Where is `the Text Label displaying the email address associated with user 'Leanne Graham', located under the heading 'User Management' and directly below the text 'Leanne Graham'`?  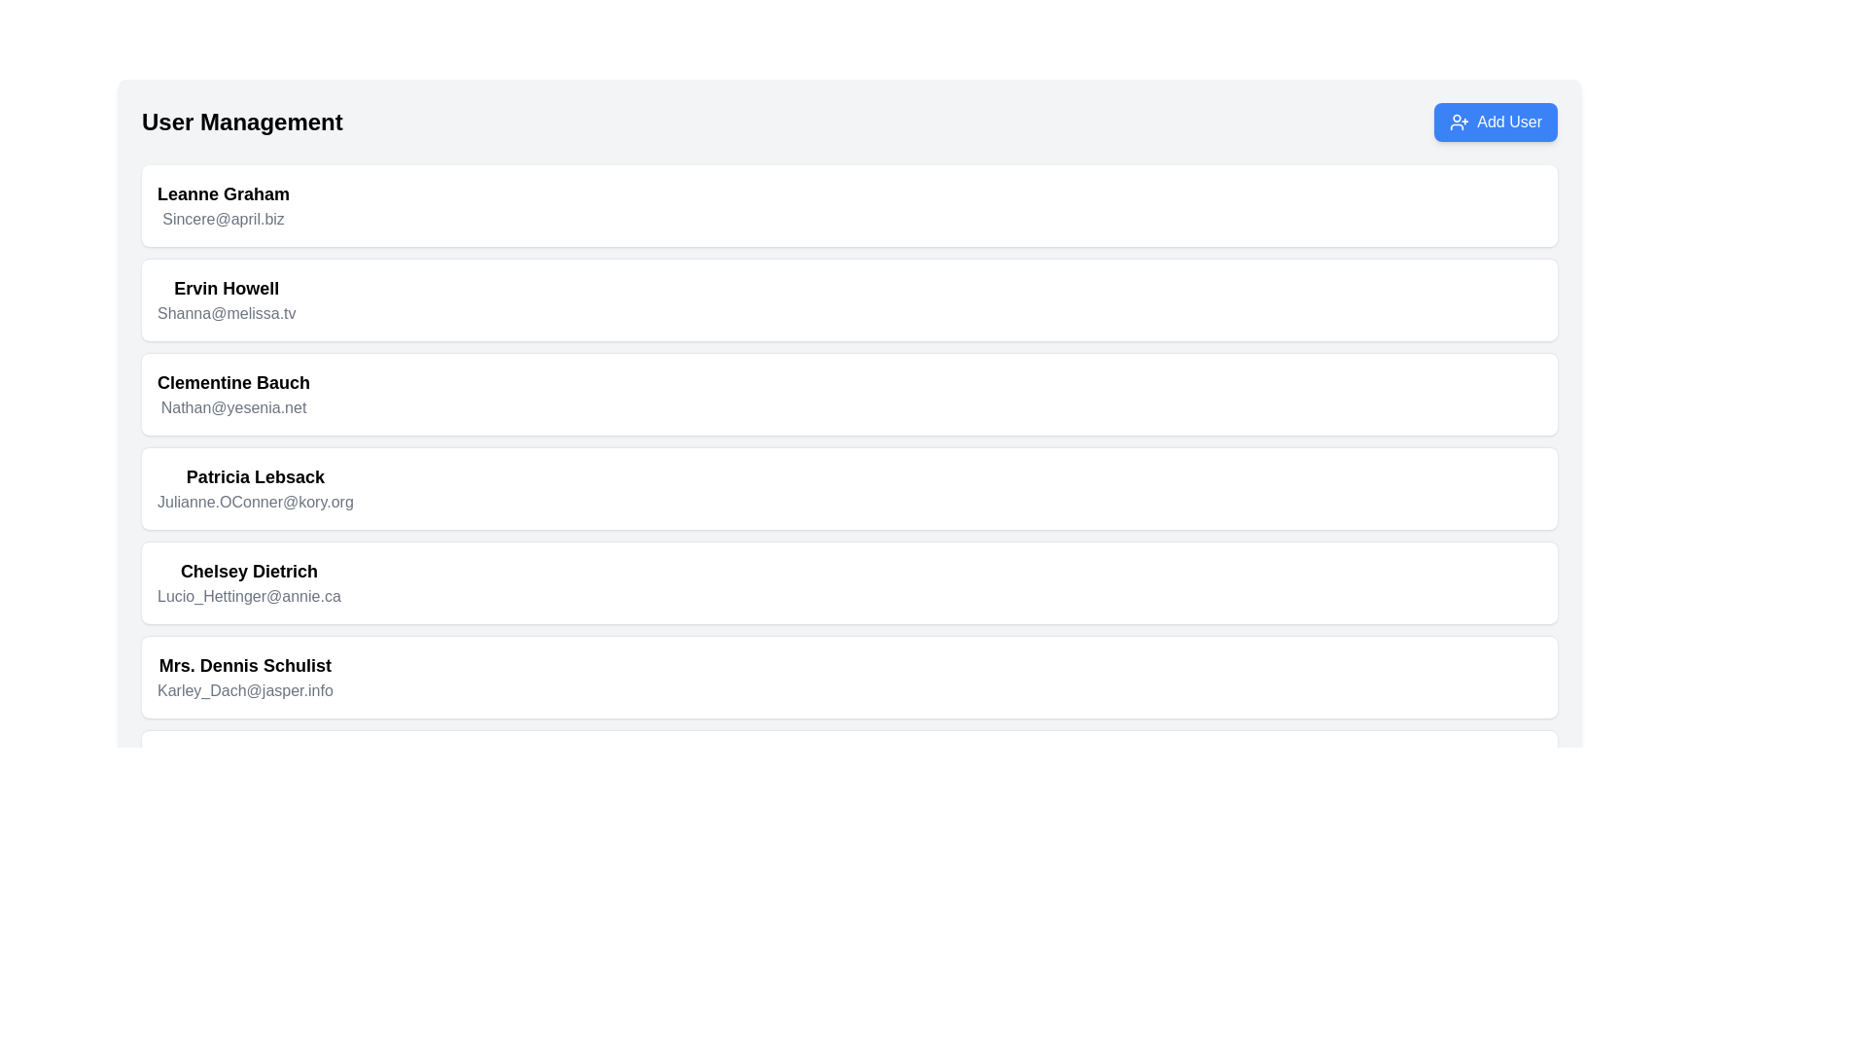 the Text Label displaying the email address associated with user 'Leanne Graham', located under the heading 'User Management' and directly below the text 'Leanne Graham' is located at coordinates (224, 219).